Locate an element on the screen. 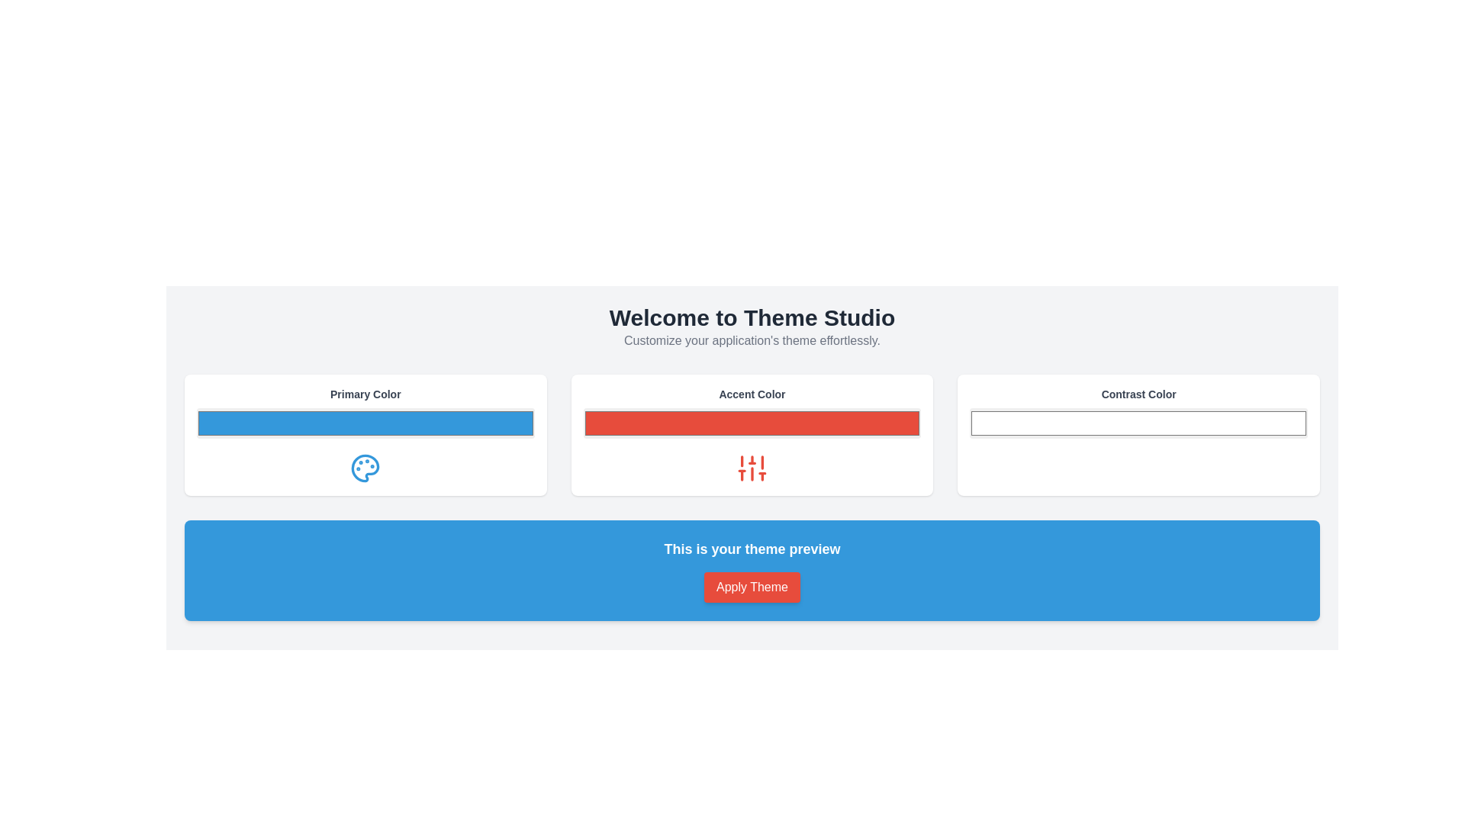  the Color Picker Button with a bright red background located under the 'Accent Color' label is located at coordinates (752, 423).